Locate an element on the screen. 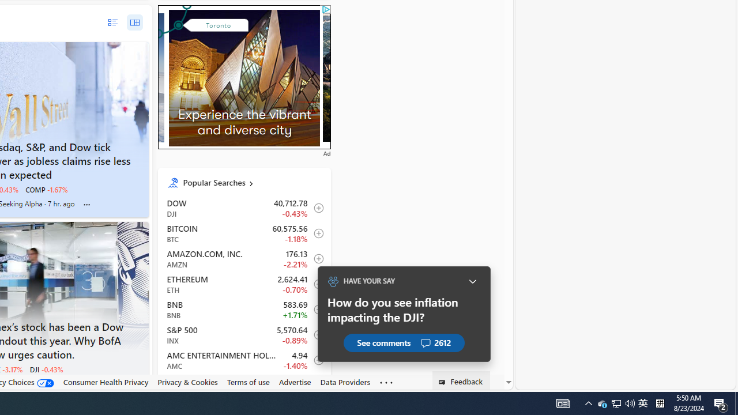 This screenshot has height=415, width=738. 'list layout' is located at coordinates (112, 22).